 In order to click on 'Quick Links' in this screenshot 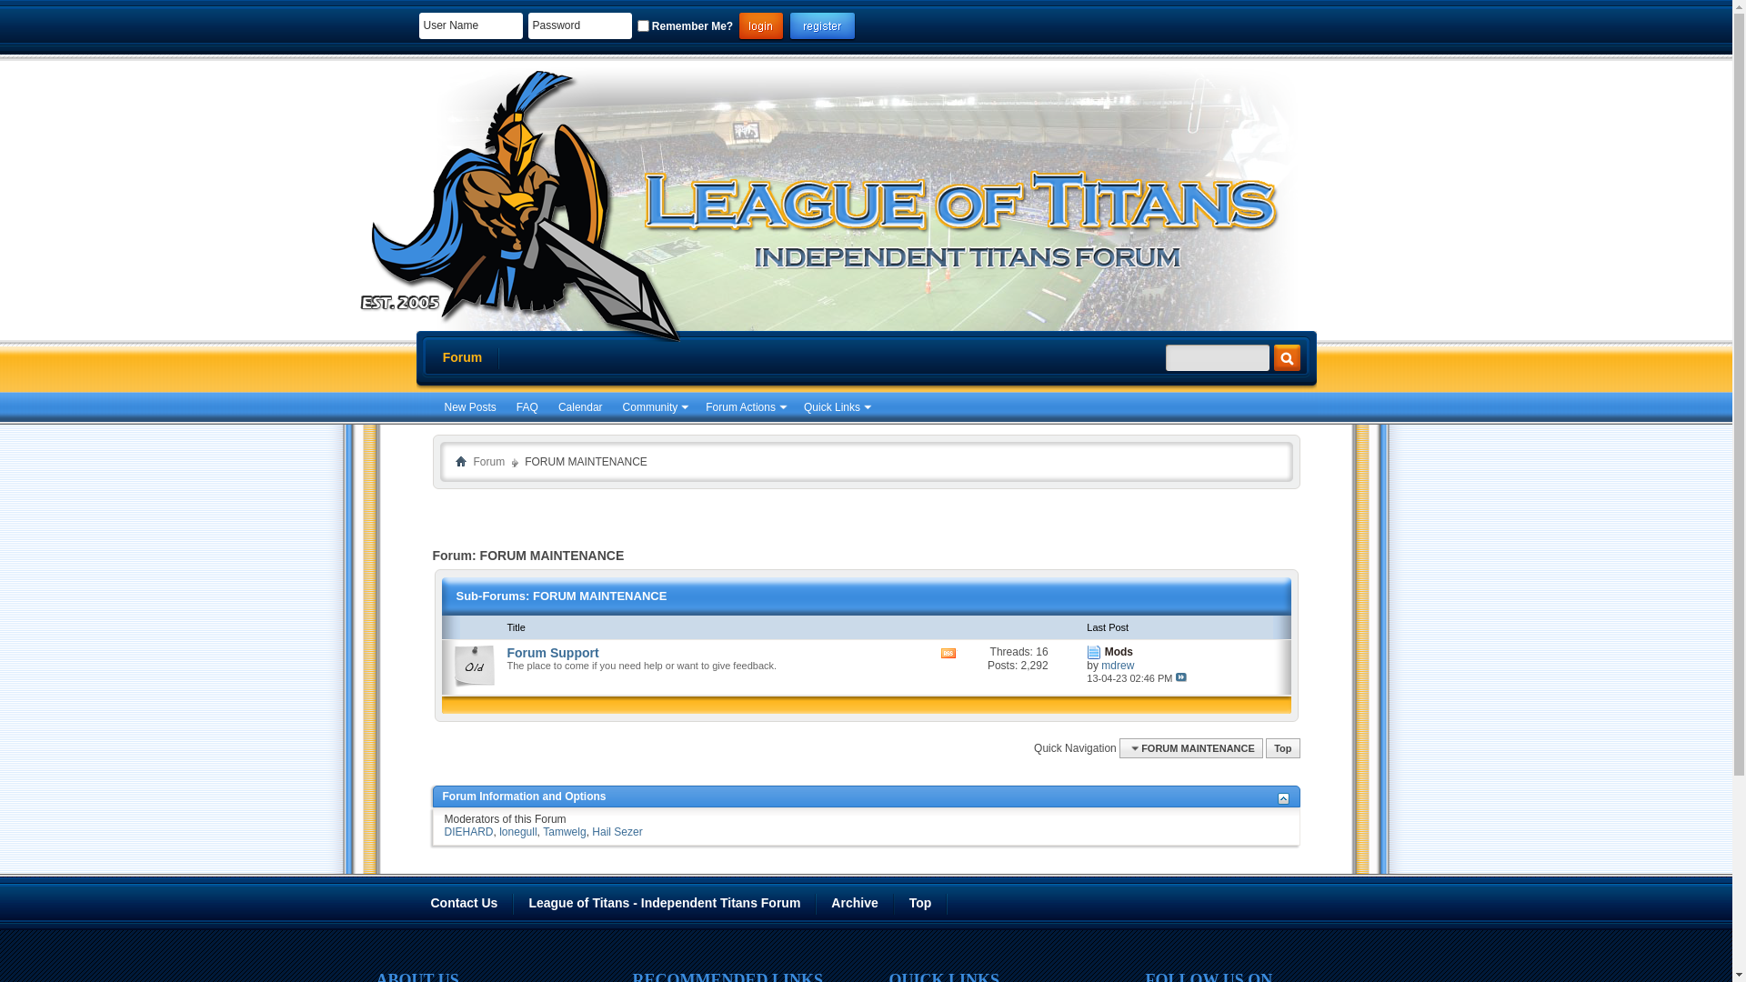, I will do `click(835, 406)`.